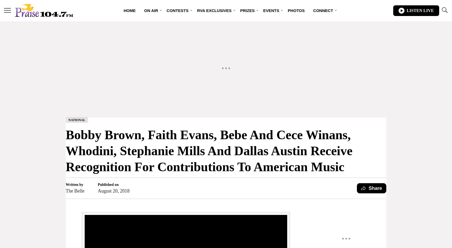  What do you see at coordinates (333, 48) in the screenshot?
I see `'Sign Up For Our Newsletter'` at bounding box center [333, 48].